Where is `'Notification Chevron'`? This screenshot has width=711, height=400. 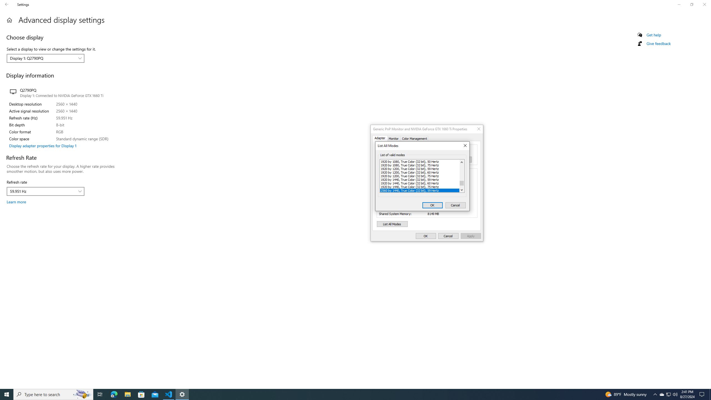
'Notification Chevron' is located at coordinates (655, 394).